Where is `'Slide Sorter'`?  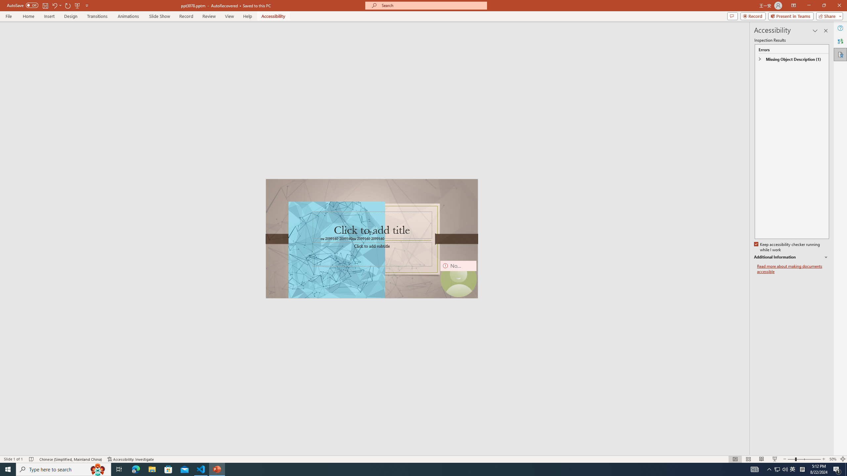 'Slide Sorter' is located at coordinates (748, 459).